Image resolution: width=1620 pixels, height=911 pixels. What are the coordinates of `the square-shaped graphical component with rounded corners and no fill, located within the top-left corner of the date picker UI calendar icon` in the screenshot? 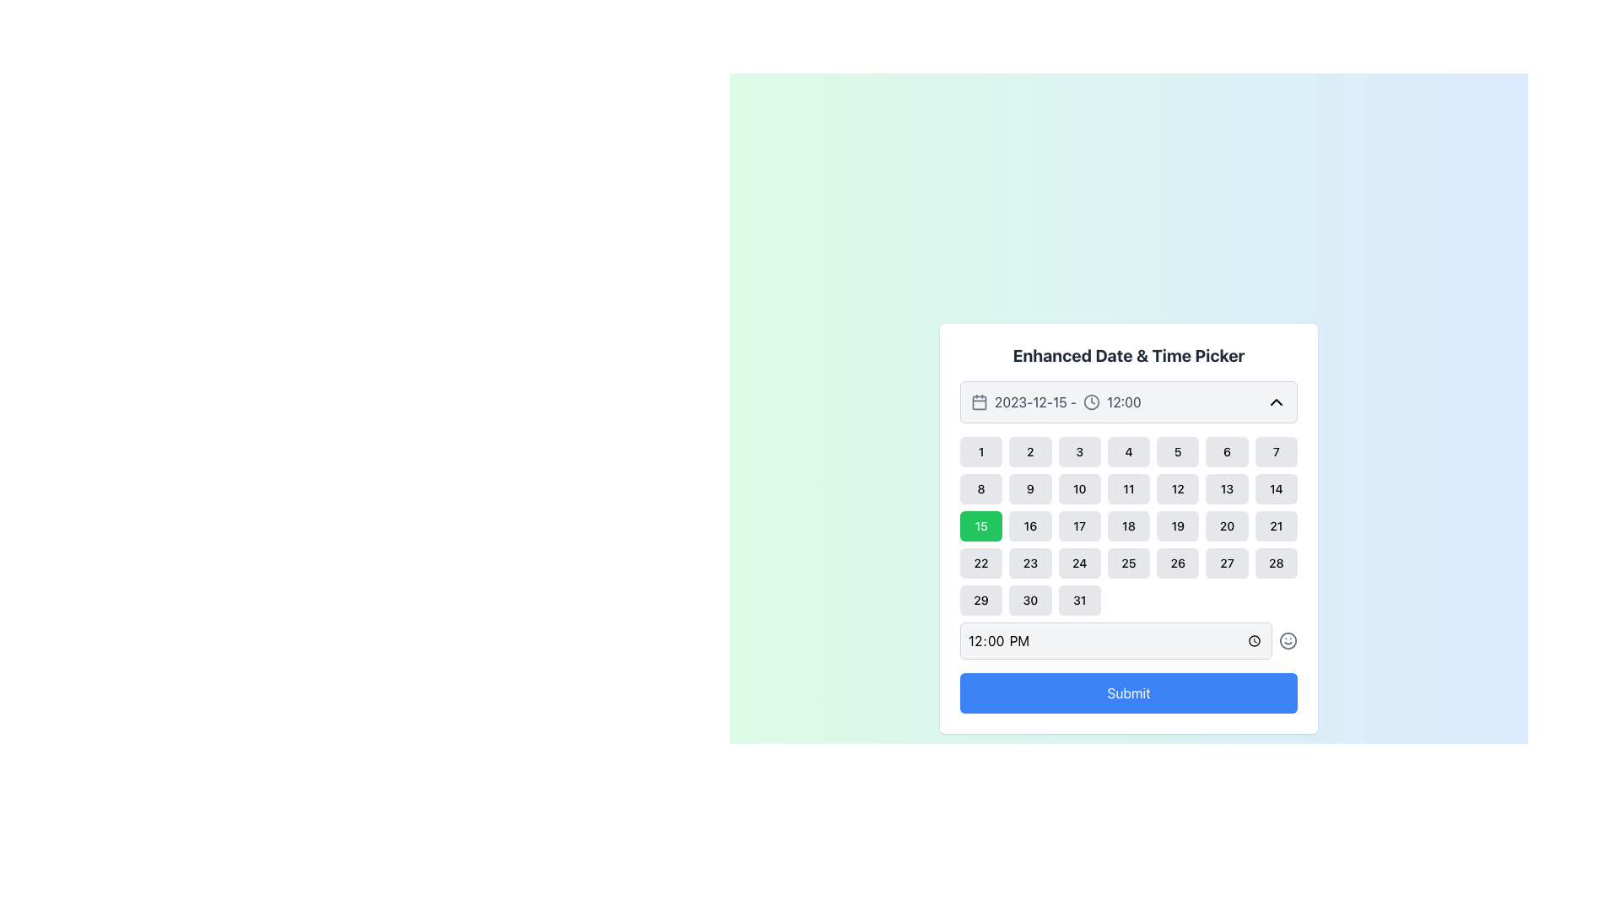 It's located at (980, 402).